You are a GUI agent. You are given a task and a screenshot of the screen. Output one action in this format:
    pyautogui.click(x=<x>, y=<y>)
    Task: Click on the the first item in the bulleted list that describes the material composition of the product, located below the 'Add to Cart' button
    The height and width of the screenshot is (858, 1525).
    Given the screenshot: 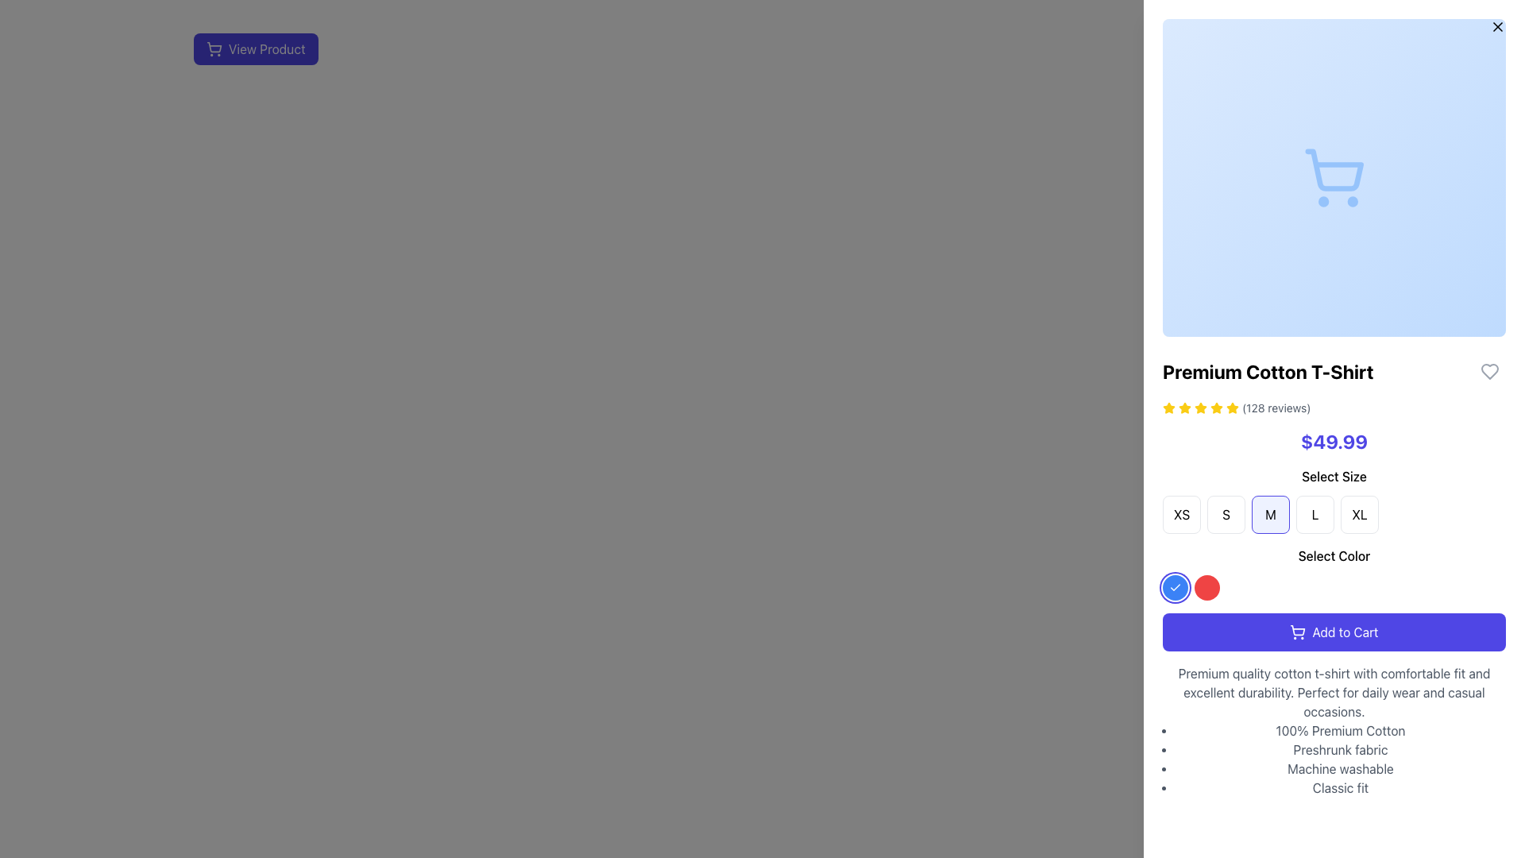 What is the action you would take?
    pyautogui.click(x=1340, y=731)
    